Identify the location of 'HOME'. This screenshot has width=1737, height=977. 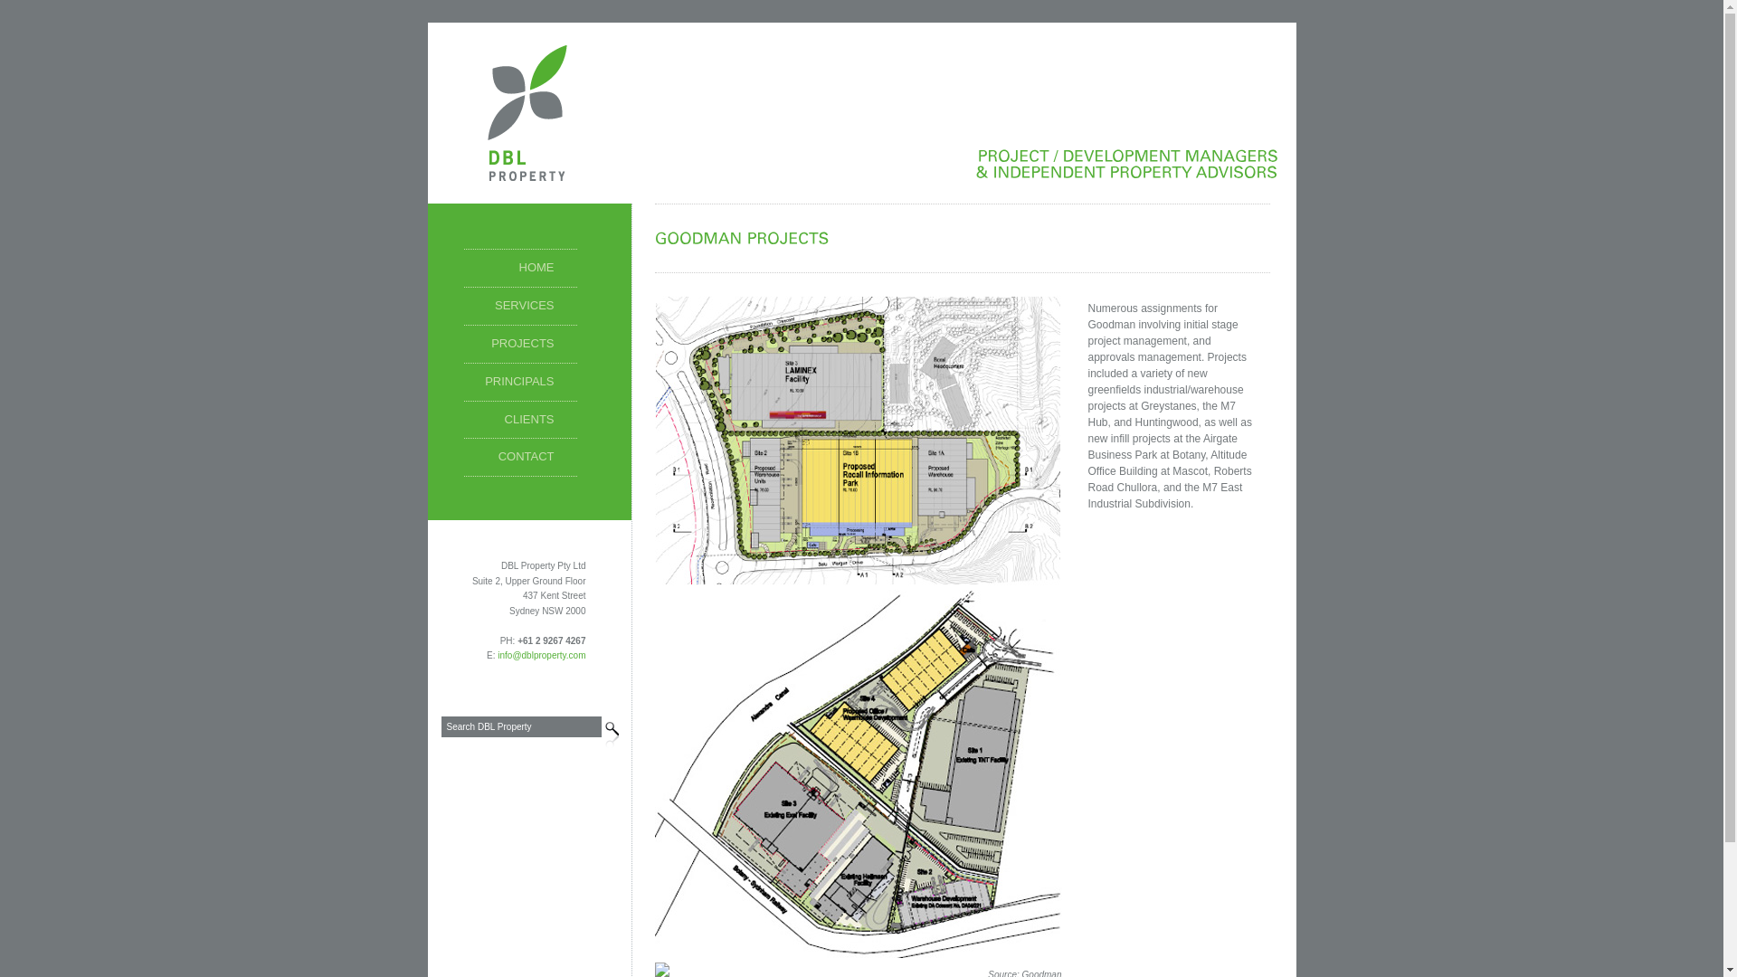
(518, 269).